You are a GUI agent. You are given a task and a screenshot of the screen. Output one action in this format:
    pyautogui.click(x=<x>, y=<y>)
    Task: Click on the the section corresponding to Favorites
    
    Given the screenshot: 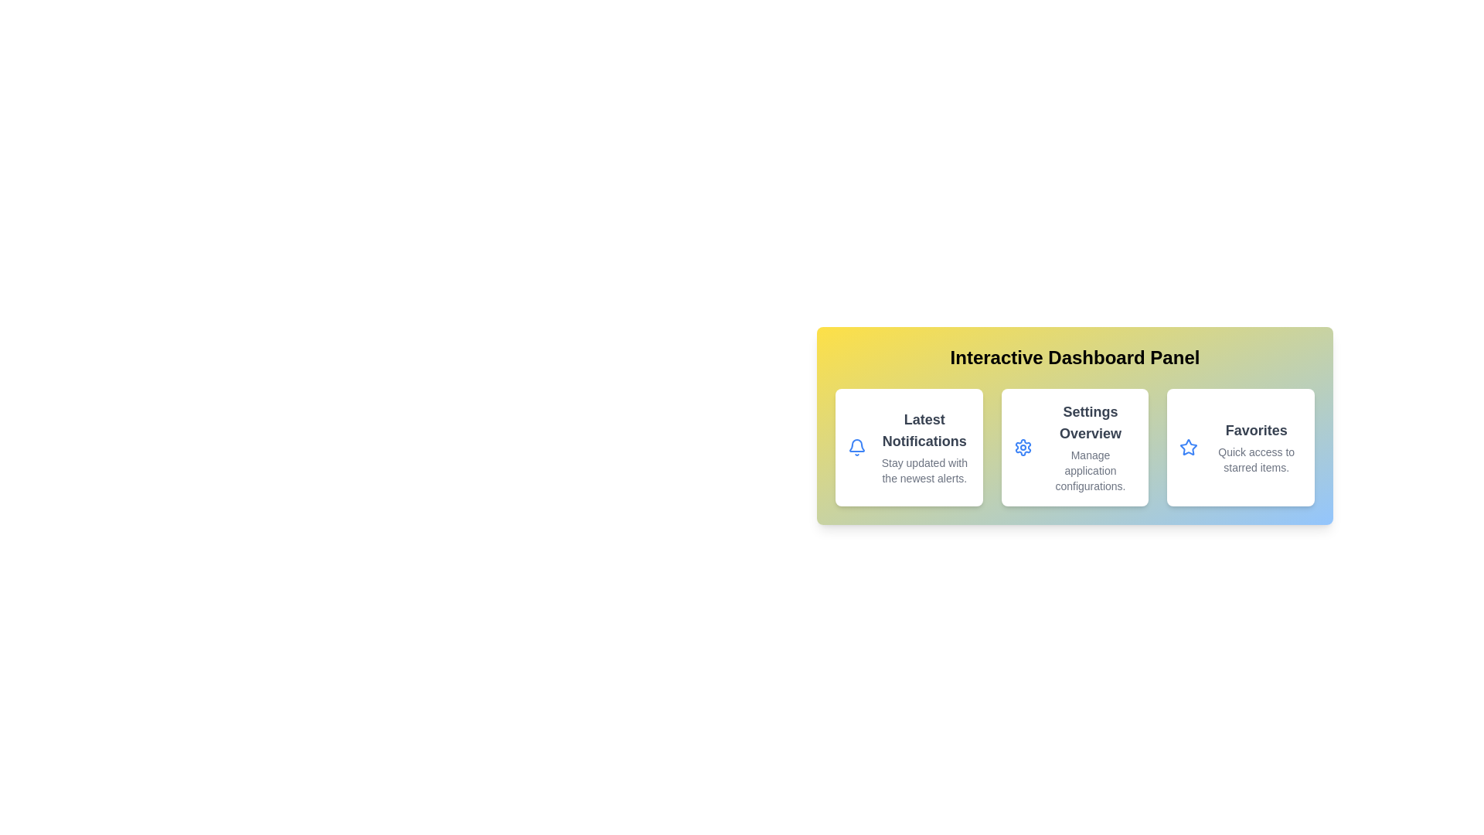 What is the action you would take?
    pyautogui.click(x=1241, y=447)
    